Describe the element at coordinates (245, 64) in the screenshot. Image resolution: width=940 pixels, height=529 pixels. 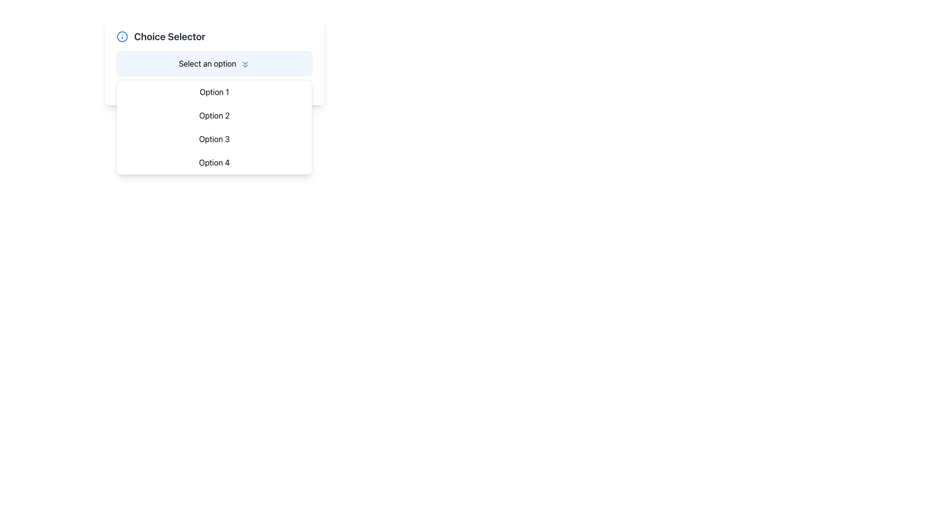
I see `the Dropdown toggle icon (double chevrons) styled in blue, located to the right of the text 'Select an option'` at that location.